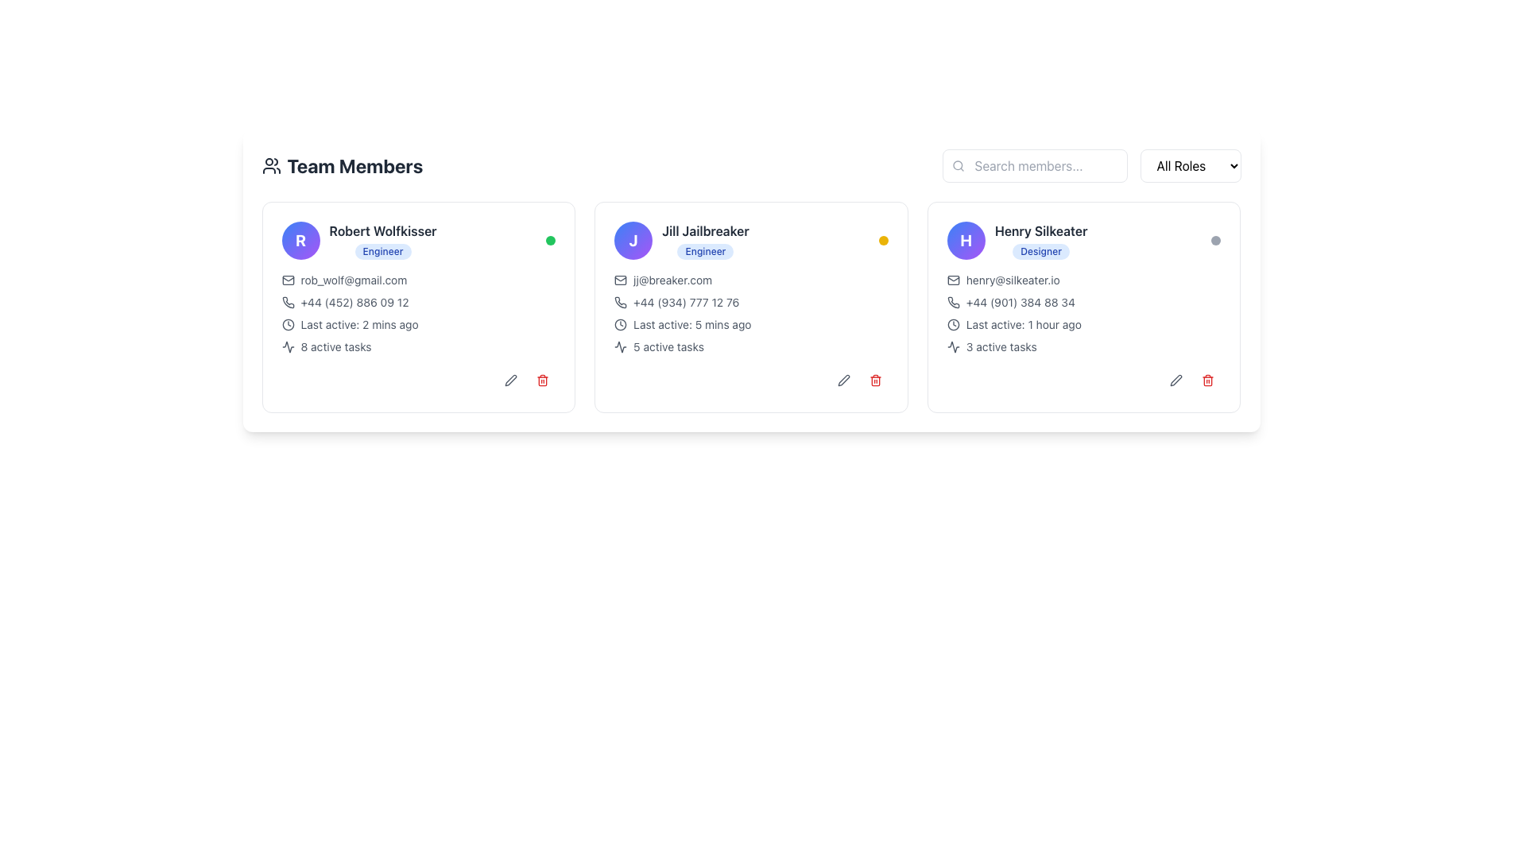  I want to click on the text label group displaying the team member's name and role, located in the rightmost card of three horizontally aligned member cards, above the email and phone number, so click(1041, 241).